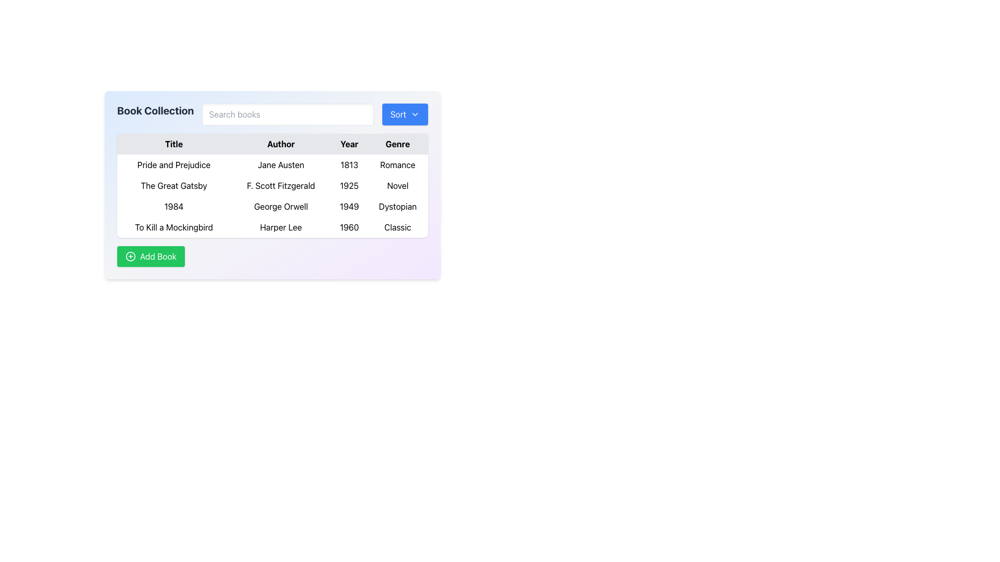  Describe the element at coordinates (272, 185) in the screenshot. I see `the table row displaying 'The Great Gatsby' by F. Scott Fitzgerald` at that location.